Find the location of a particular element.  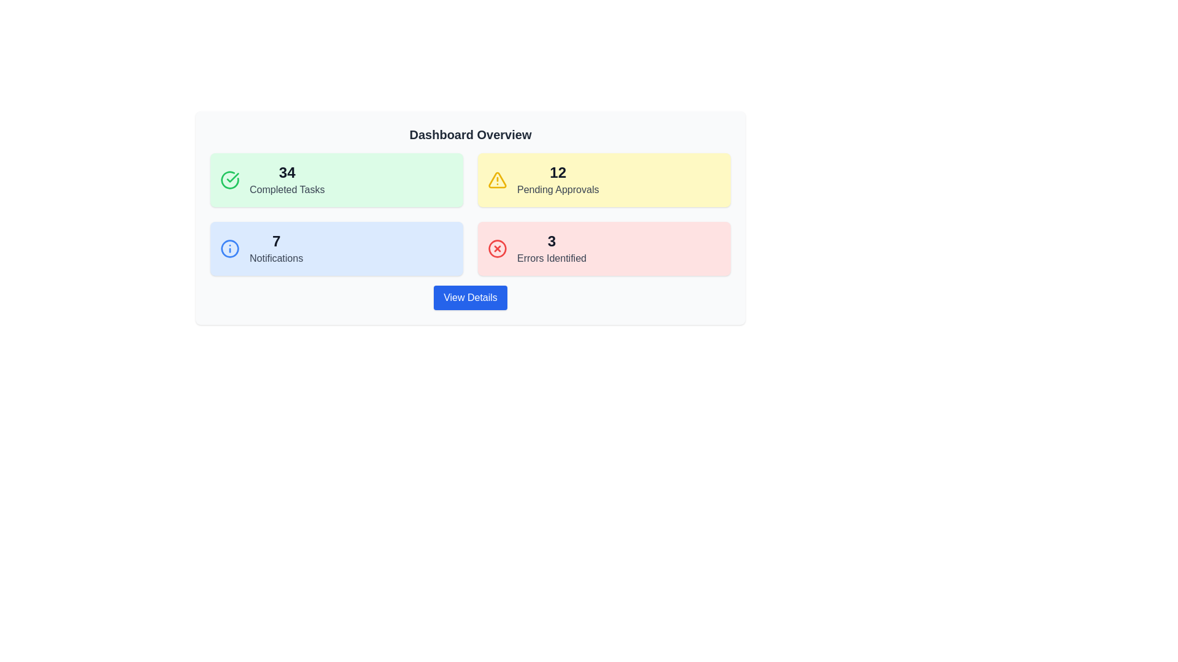

the Text label indicating the number of pending approvals on the rightmost yellow card in the upper row of the dashboard view is located at coordinates (557, 180).